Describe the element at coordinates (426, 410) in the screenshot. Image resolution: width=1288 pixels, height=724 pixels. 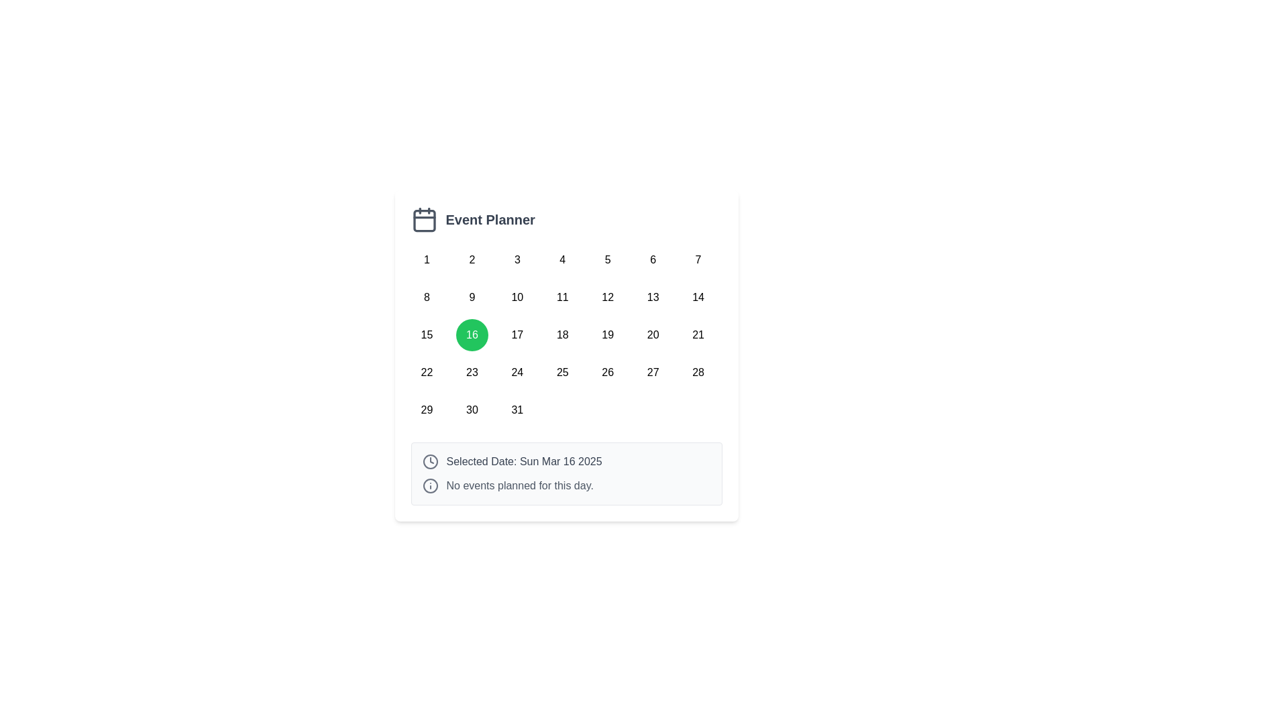
I see `the circular button containing the number '29' with a white background` at that location.